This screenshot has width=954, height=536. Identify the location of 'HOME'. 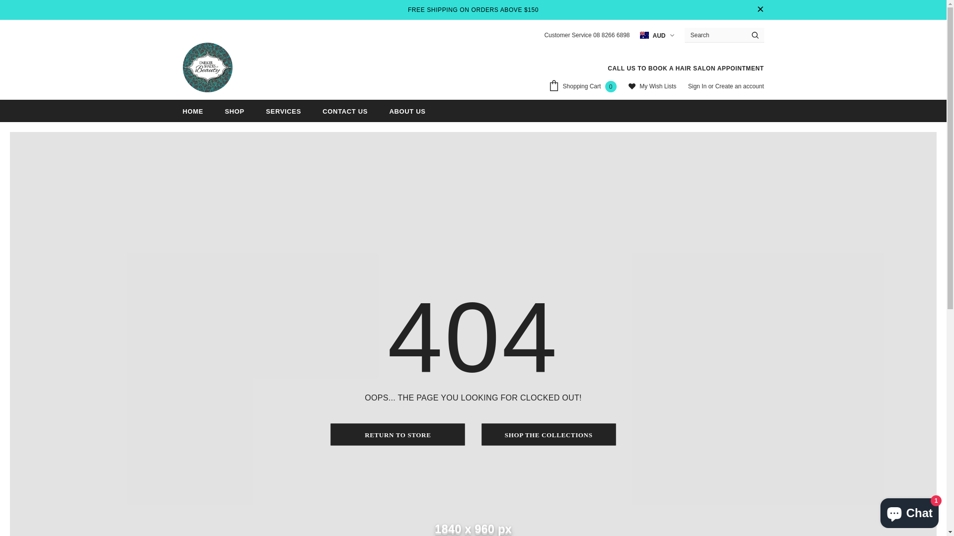
(193, 111).